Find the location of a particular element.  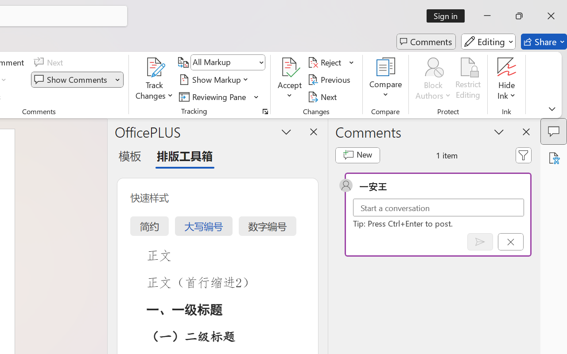

'Compare' is located at coordinates (386, 79).